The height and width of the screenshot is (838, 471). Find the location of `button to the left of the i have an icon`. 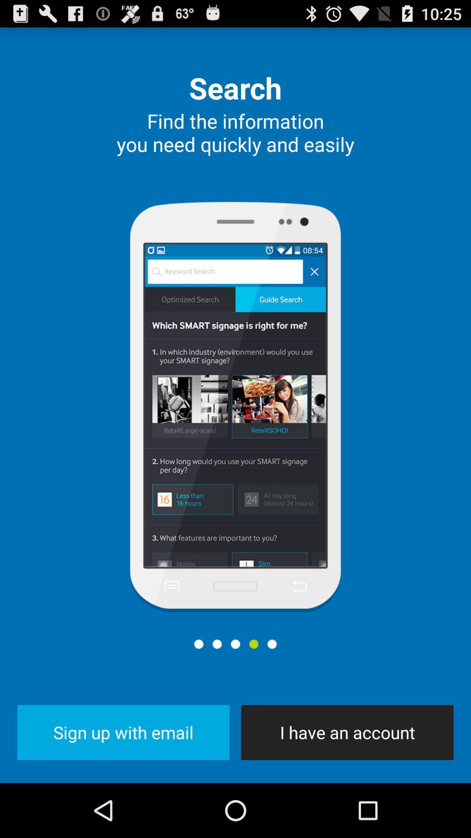

button to the left of the i have an icon is located at coordinates (123, 732).